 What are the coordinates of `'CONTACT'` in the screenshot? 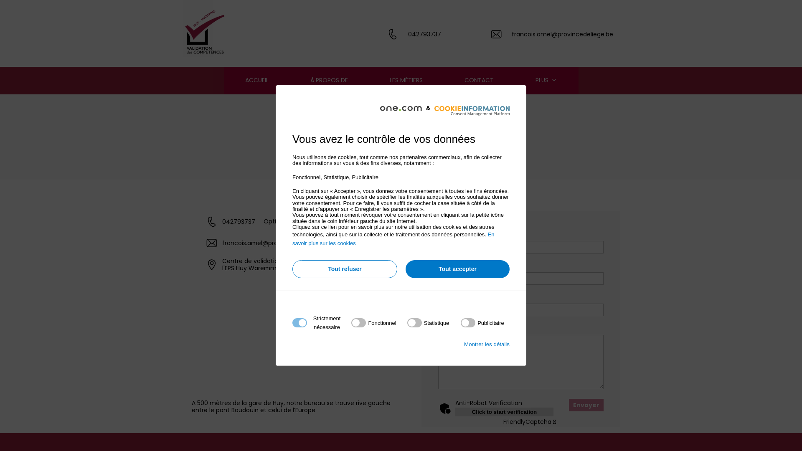 It's located at (479, 80).